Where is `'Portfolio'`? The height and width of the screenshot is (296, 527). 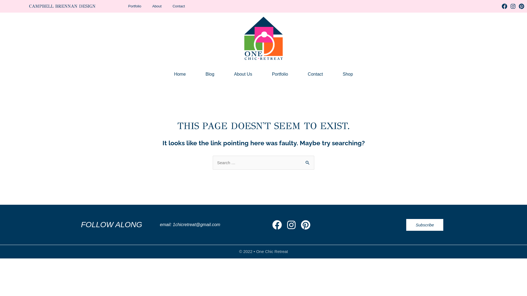 'Portfolio' is located at coordinates (134, 6).